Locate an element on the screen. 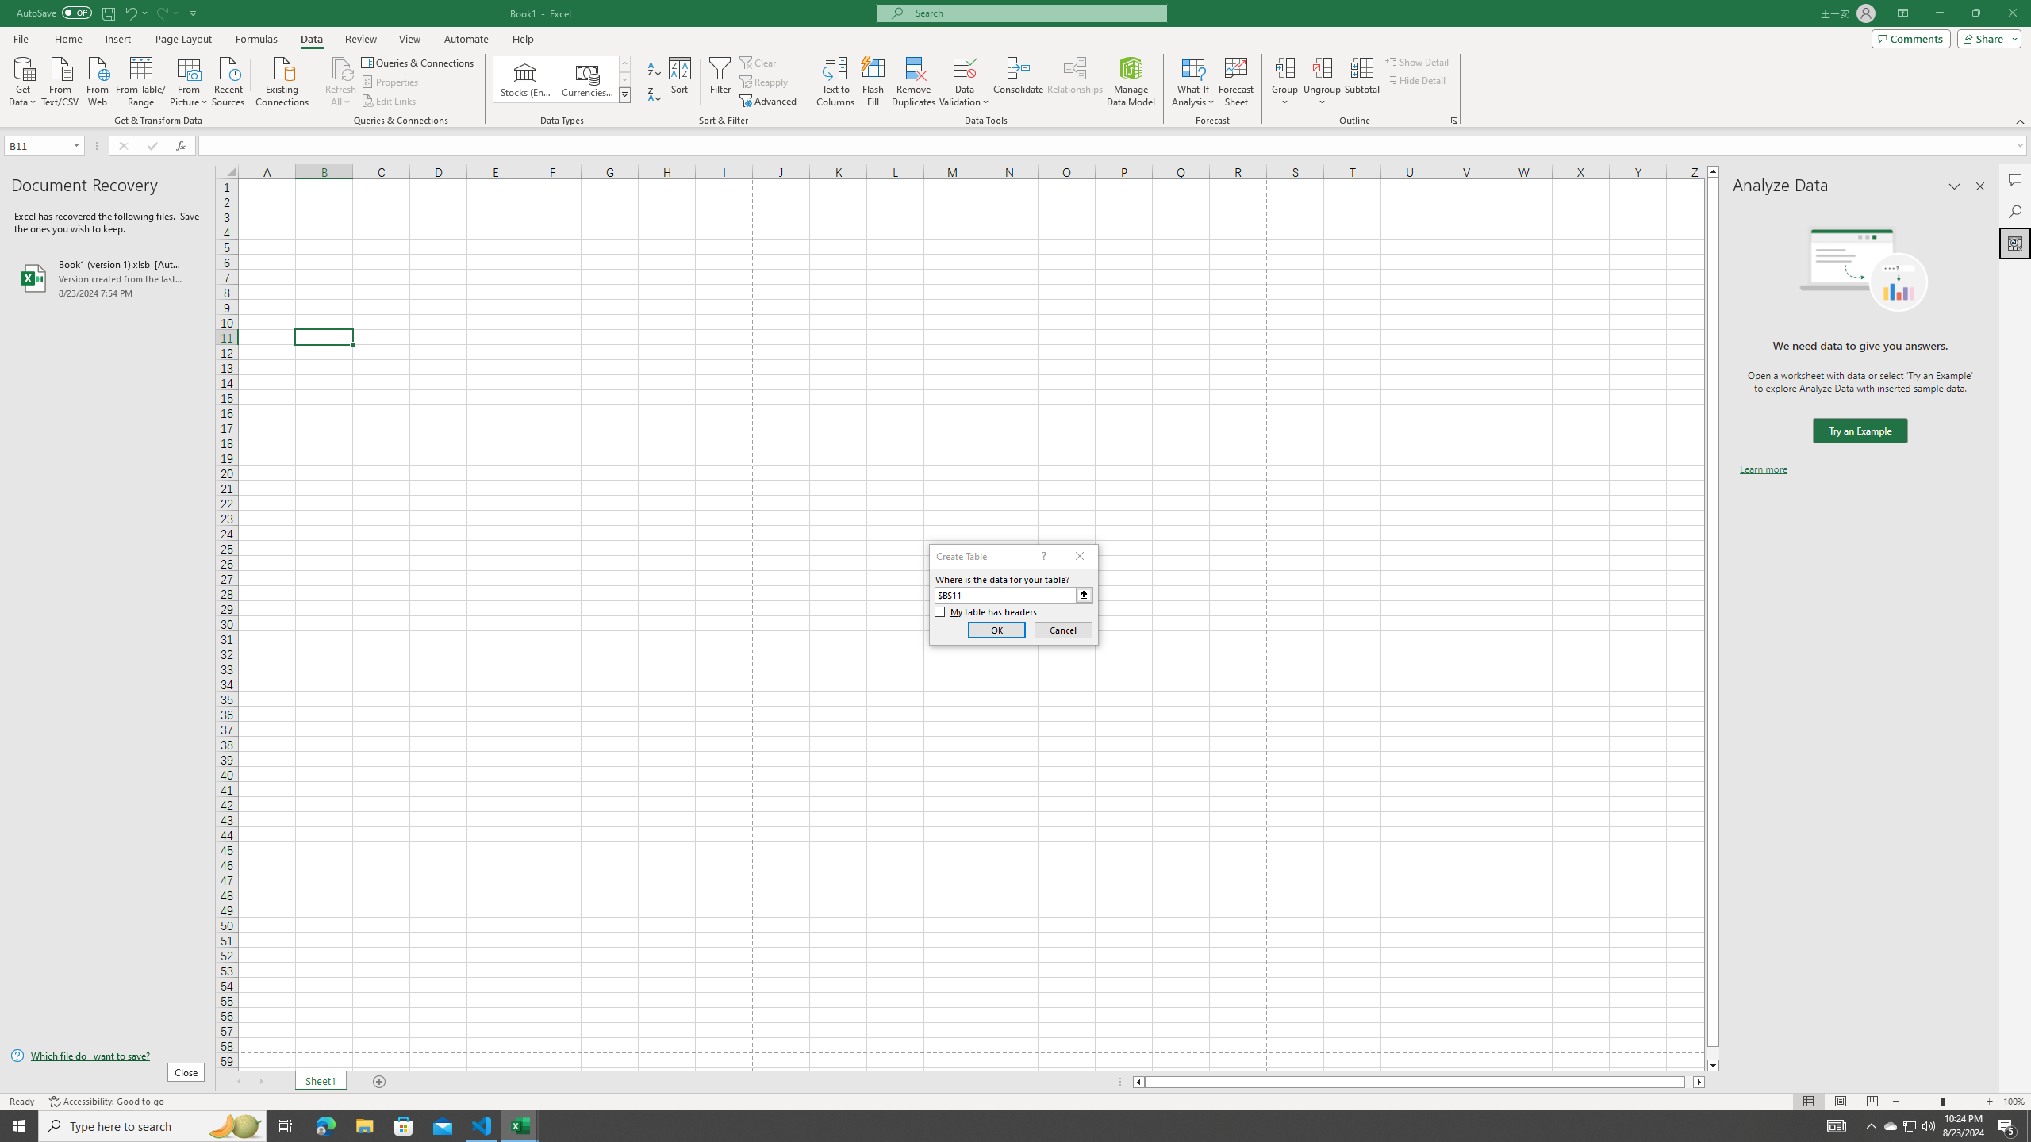  'AutomationID: ConvertToLinkedEntity' is located at coordinates (562, 79).